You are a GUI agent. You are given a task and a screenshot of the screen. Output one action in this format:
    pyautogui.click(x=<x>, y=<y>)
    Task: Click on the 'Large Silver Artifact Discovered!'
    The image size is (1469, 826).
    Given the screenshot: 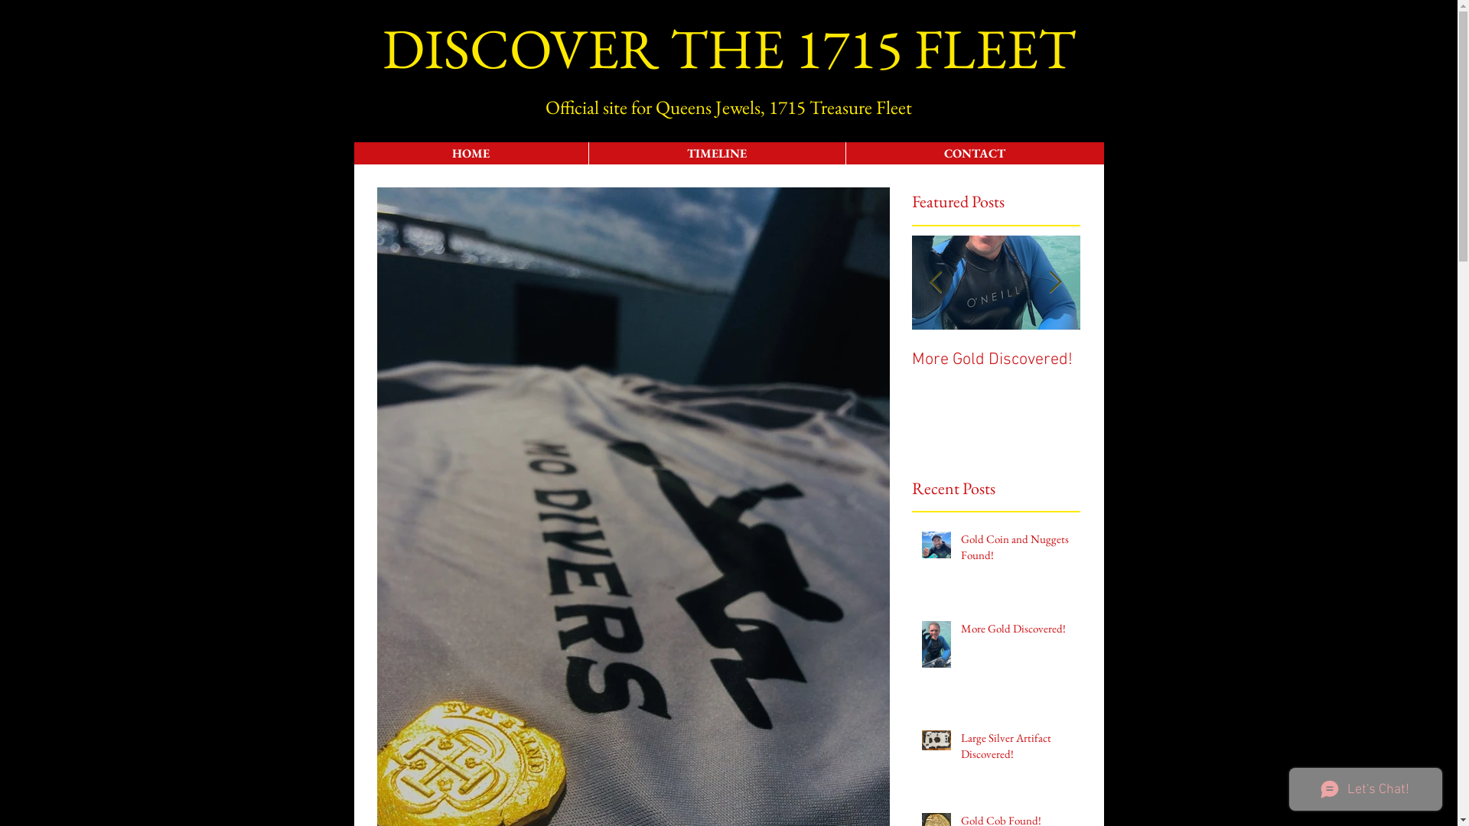 What is the action you would take?
    pyautogui.click(x=960, y=748)
    